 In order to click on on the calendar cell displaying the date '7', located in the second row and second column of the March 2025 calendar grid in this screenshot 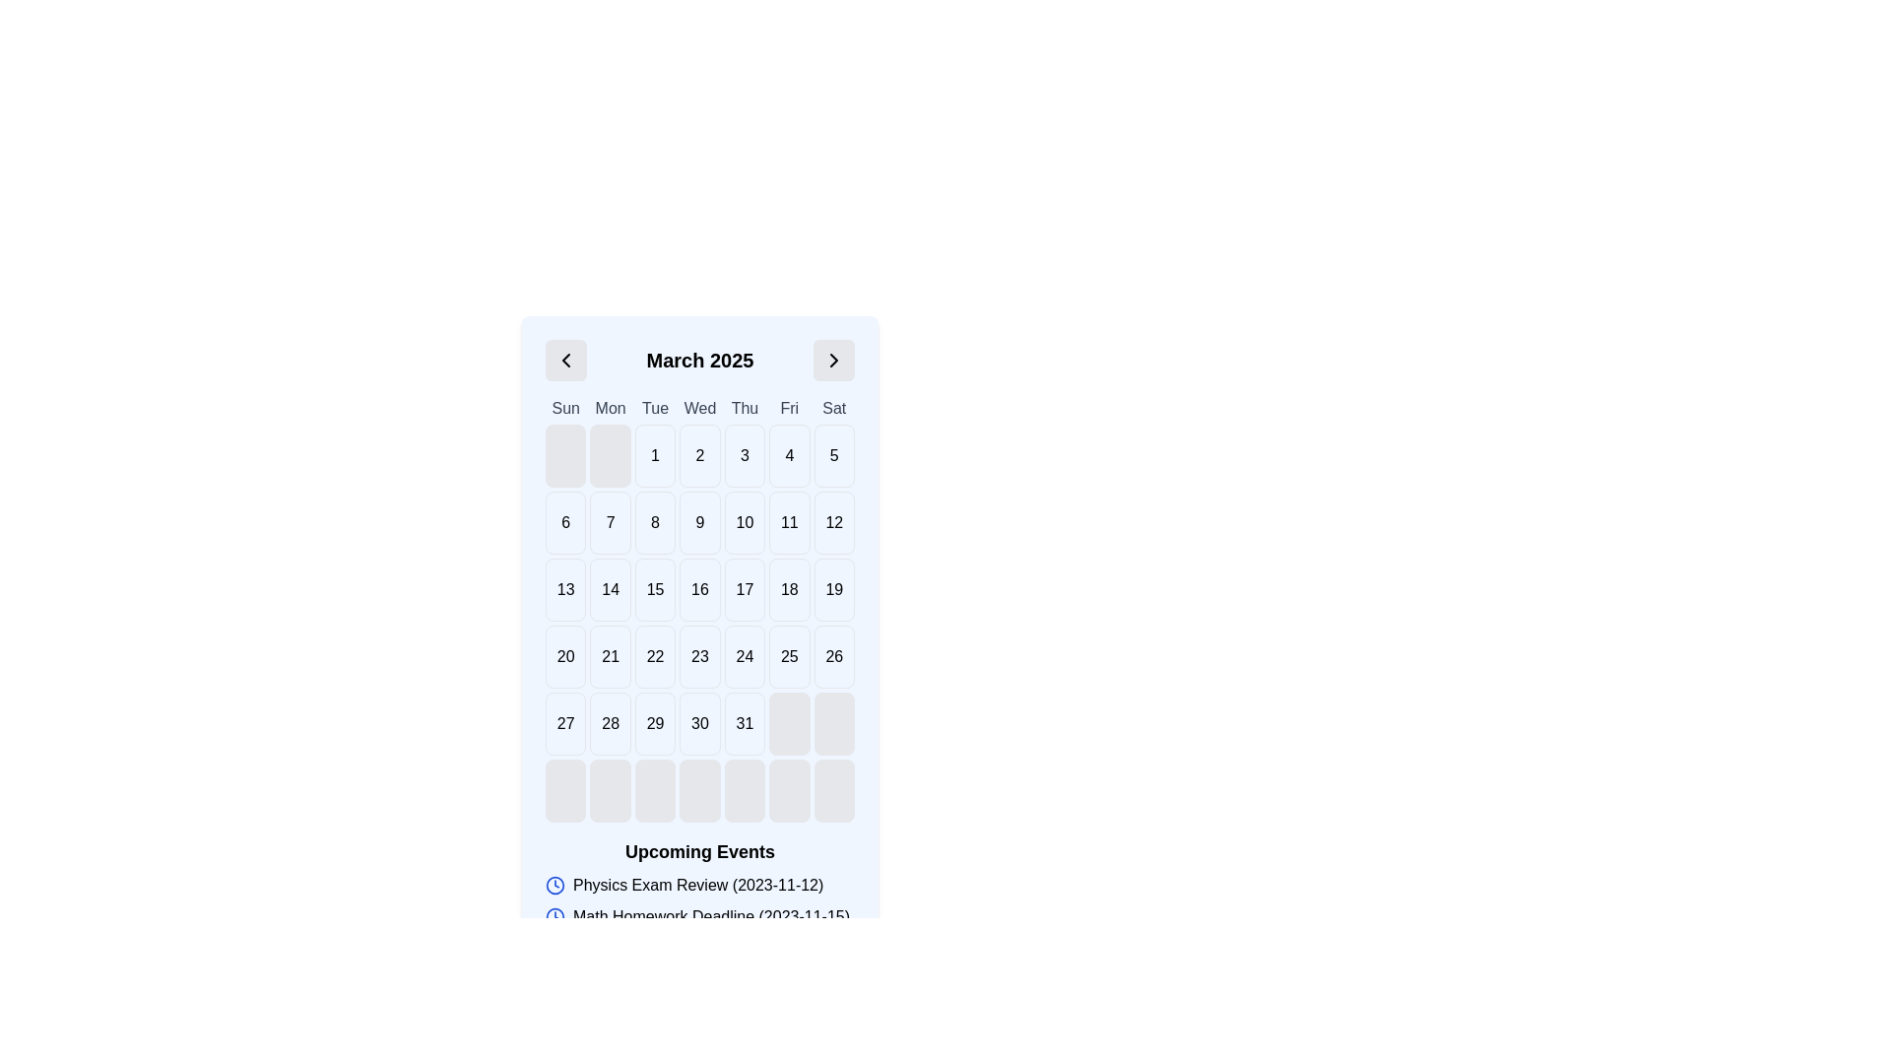, I will do `click(610, 522)`.